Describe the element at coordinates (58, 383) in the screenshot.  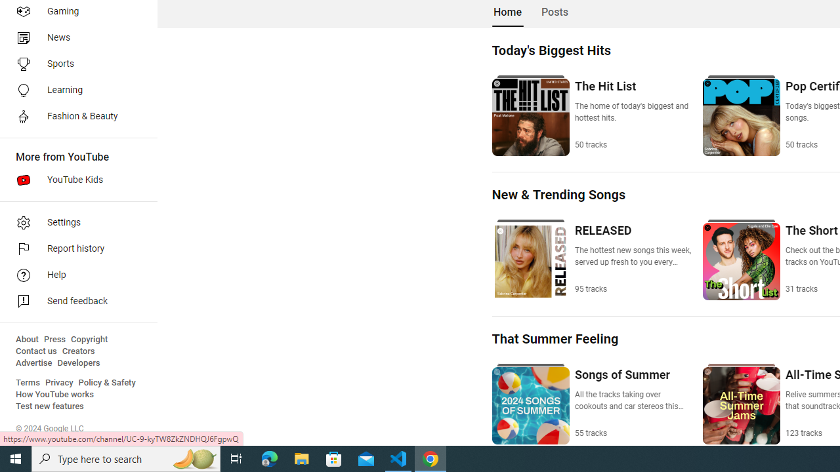
I see `'Privacy'` at that location.